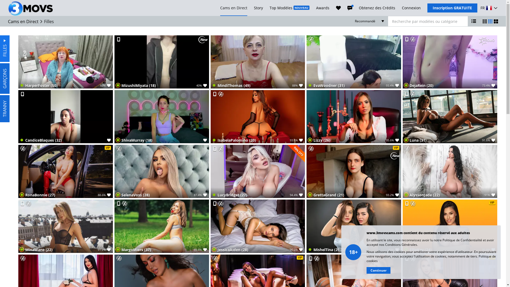 Image resolution: width=510 pixels, height=287 pixels. What do you see at coordinates (258, 8) in the screenshot?
I see `'Story'` at bounding box center [258, 8].